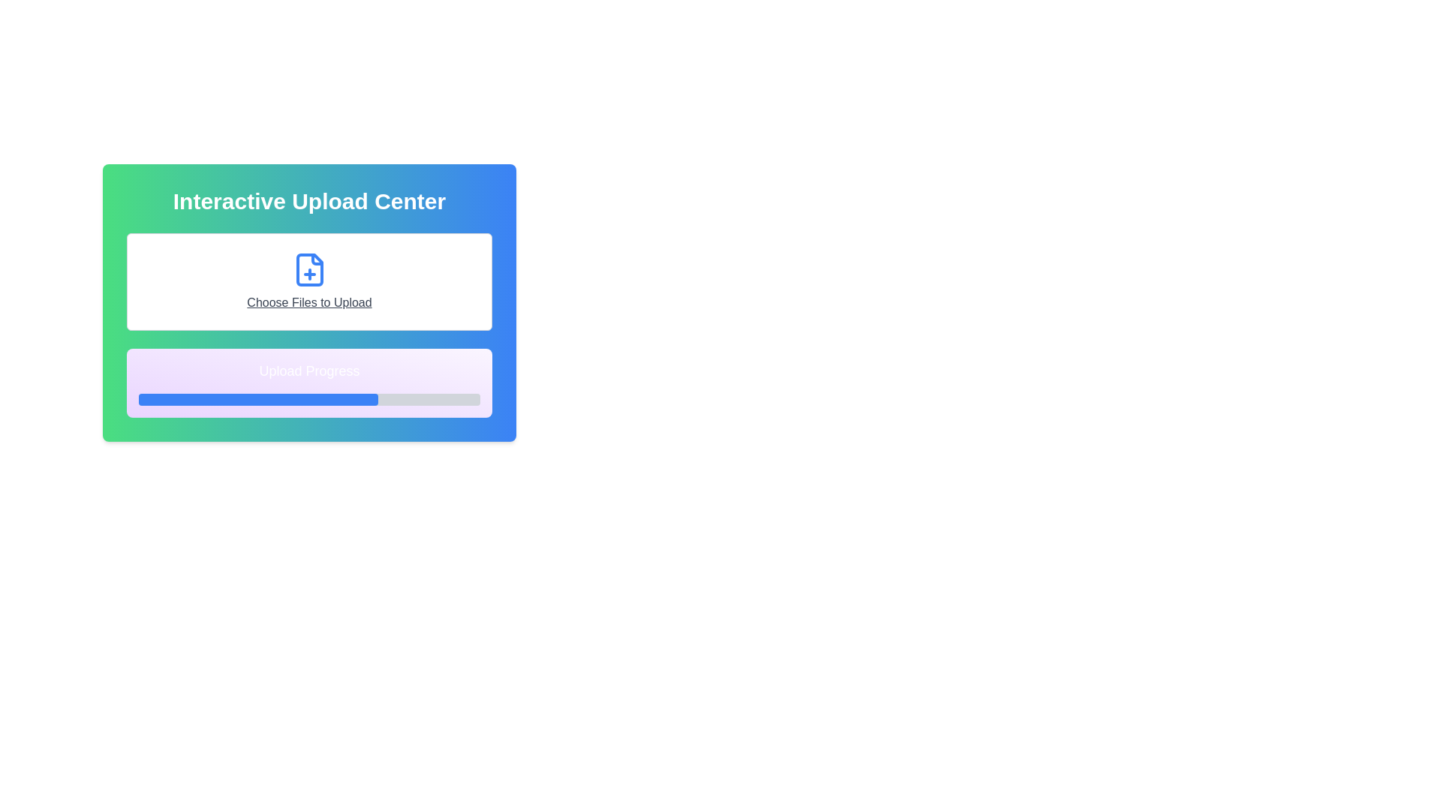 The height and width of the screenshot is (810, 1441). What do you see at coordinates (308, 398) in the screenshot?
I see `the horizontal, rectangular progress bar located at the bottom of the Upload Progress section, which has a gray background and a blue filling bar` at bounding box center [308, 398].